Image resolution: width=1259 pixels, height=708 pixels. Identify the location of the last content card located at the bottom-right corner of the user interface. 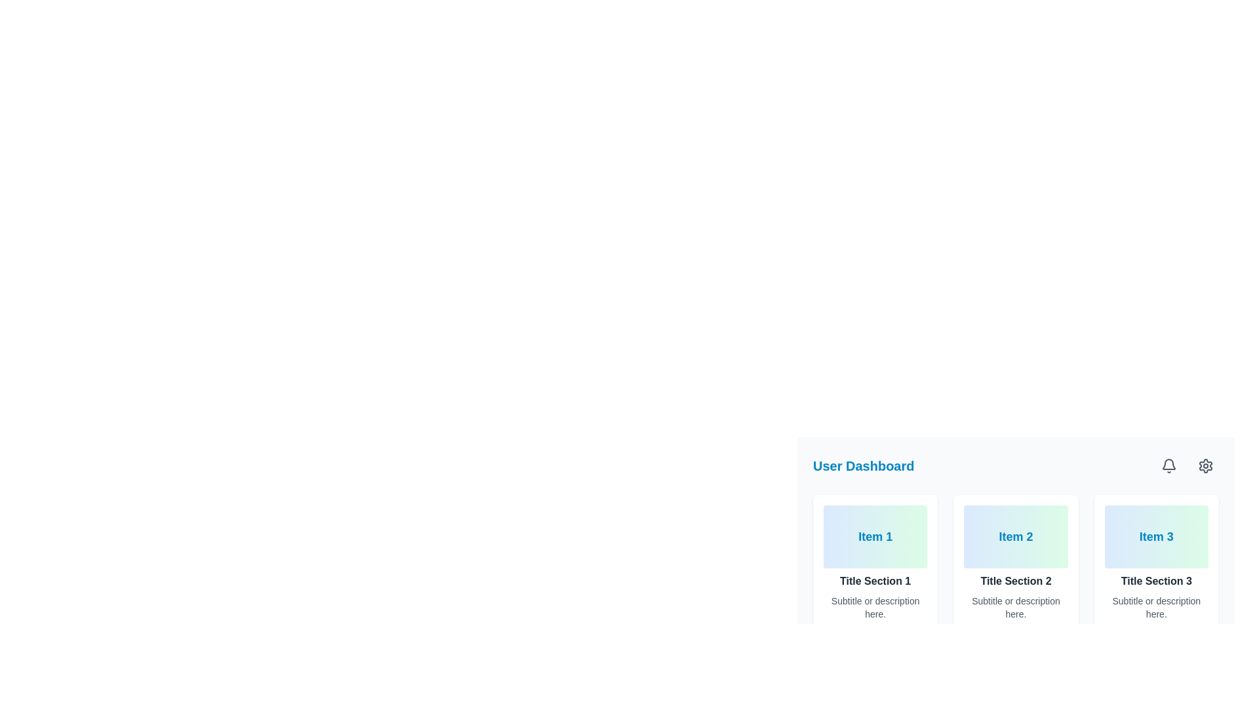
(1156, 562).